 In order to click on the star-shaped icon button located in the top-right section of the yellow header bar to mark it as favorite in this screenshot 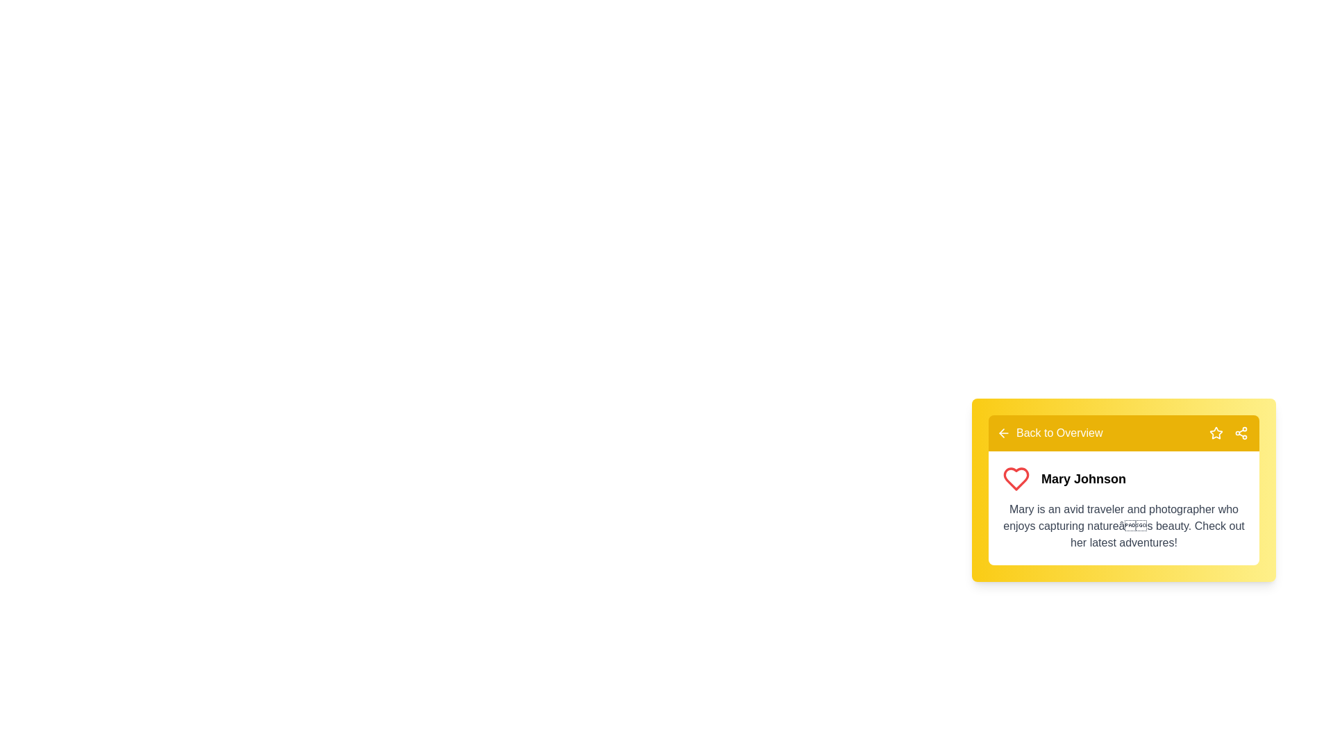, I will do `click(1216, 433)`.